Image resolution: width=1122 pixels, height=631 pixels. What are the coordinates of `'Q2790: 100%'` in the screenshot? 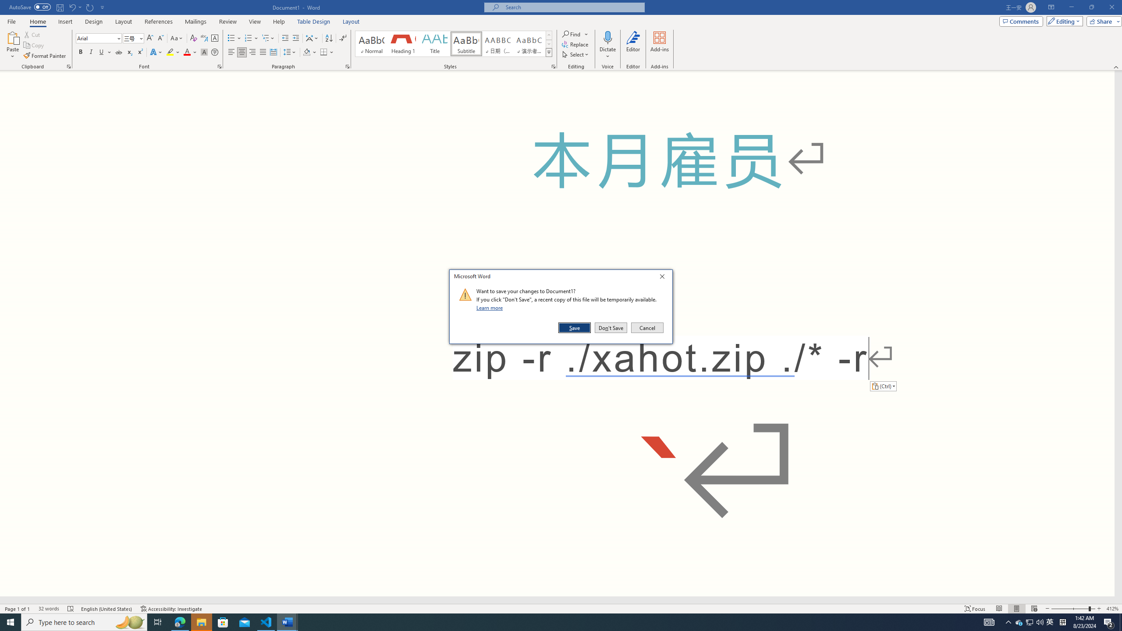 It's located at (1040, 621).